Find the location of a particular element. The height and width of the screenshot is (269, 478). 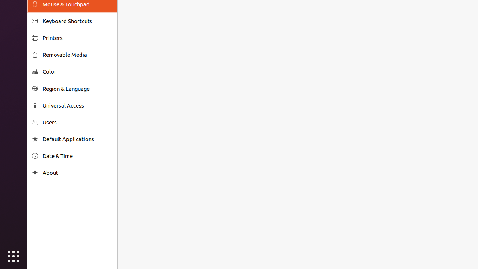

'Region & Language' is located at coordinates (77, 88).